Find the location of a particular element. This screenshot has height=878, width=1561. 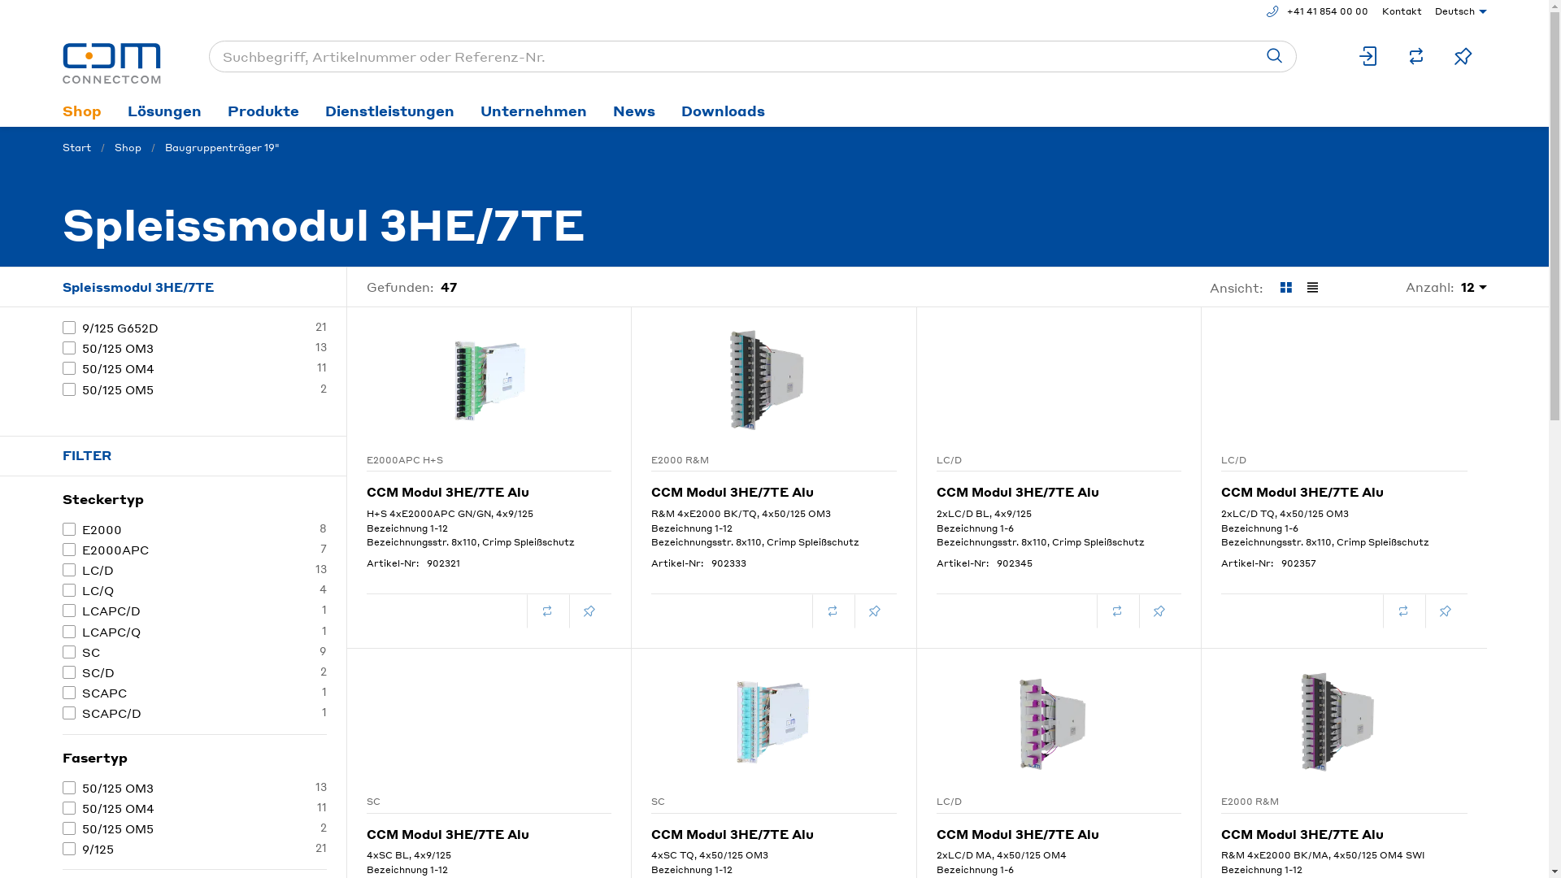

'Anmelden' is located at coordinates (1368, 55).